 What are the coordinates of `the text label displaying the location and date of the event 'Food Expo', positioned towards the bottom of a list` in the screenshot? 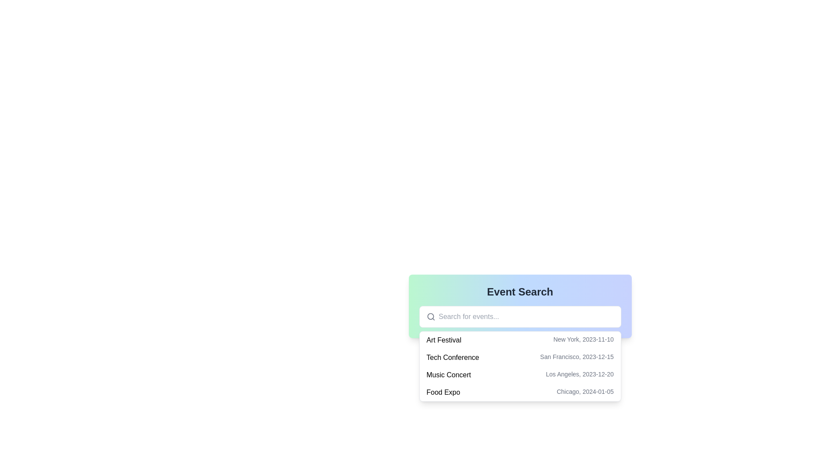 It's located at (585, 393).